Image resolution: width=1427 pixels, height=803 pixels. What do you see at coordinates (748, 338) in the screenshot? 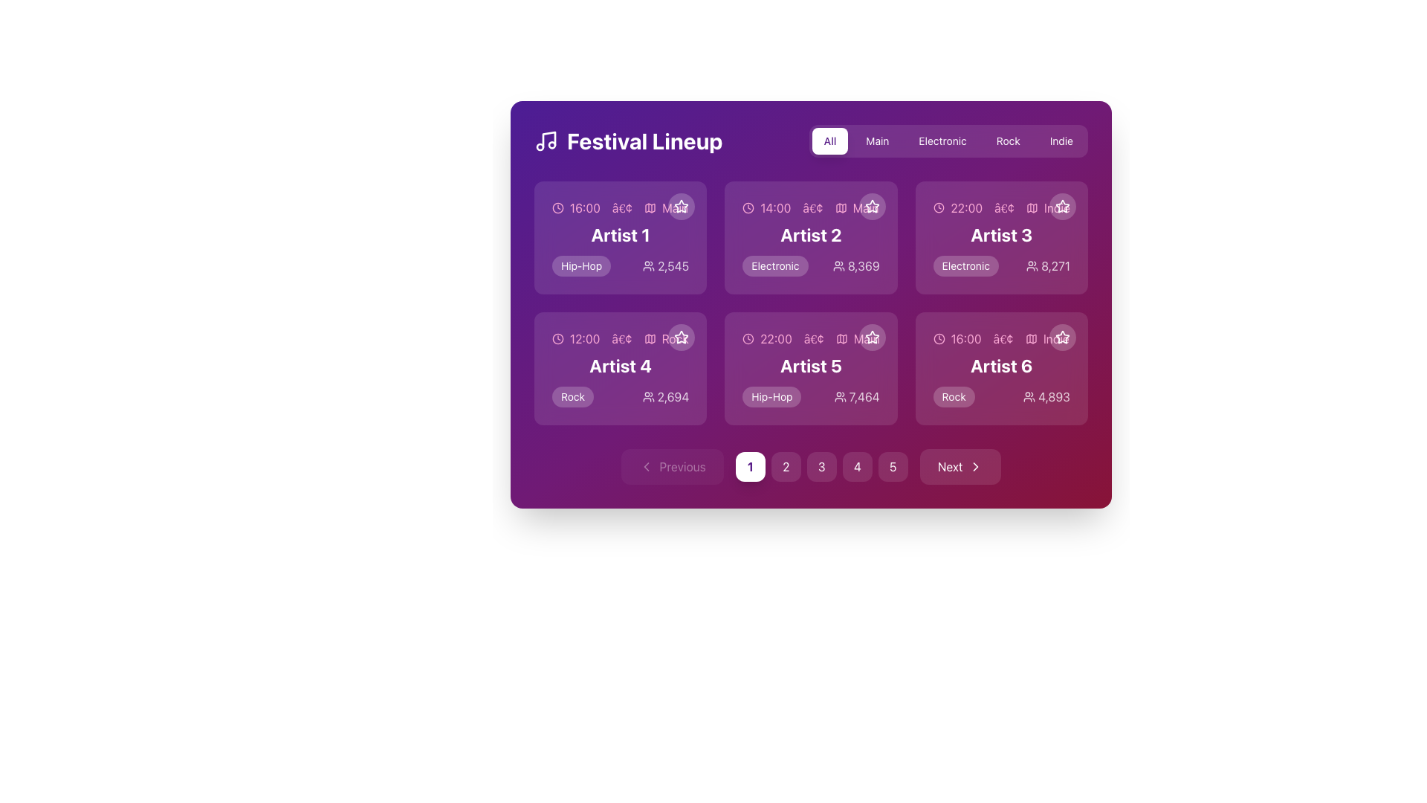
I see `the circular part of the clock icon in the SVG for 'Artist 5' to display more information` at bounding box center [748, 338].